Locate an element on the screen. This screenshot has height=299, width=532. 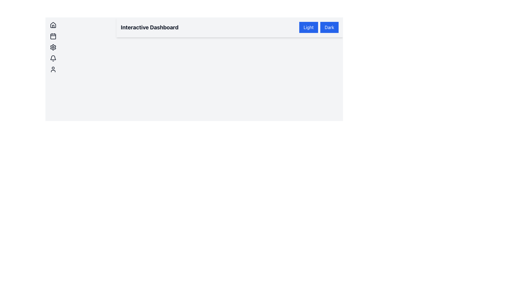
the home dashboard icon located at the top of the vertical list of icons on the left side of the interface is located at coordinates (53, 25).